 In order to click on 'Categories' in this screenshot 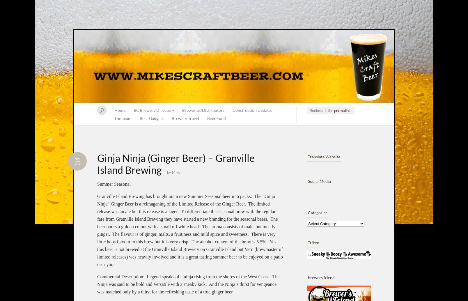, I will do `click(317, 213)`.